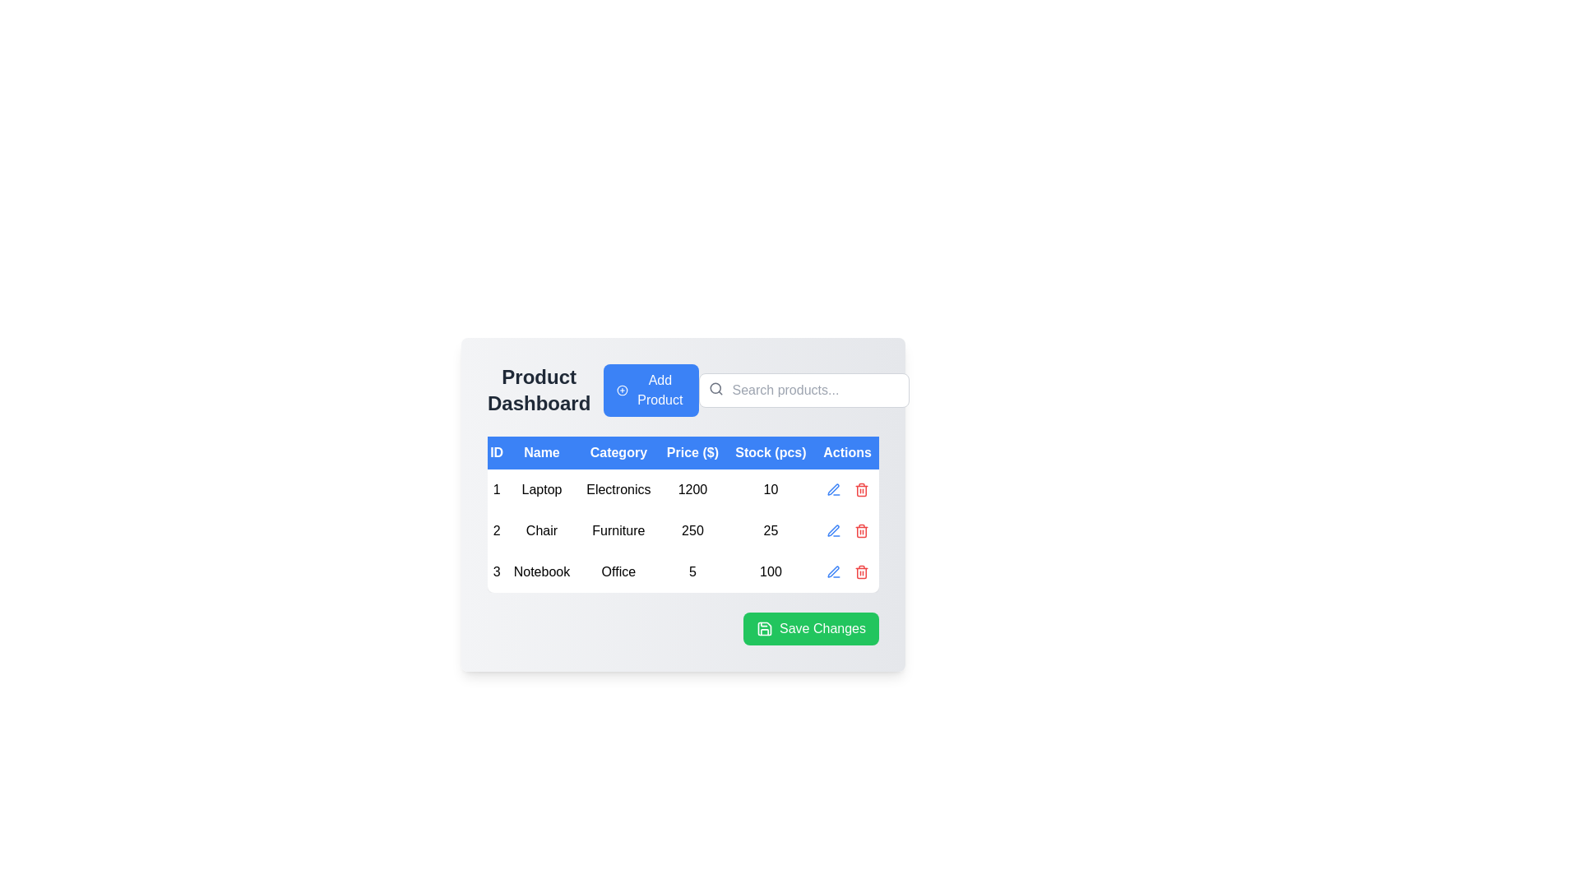 The height and width of the screenshot is (888, 1579). Describe the element at coordinates (764, 628) in the screenshot. I see `the graphical icon located at the top-left corner of the green 'Save Changes' button, which confirms or saves changes made in the application interface related to the displayed data table` at that location.